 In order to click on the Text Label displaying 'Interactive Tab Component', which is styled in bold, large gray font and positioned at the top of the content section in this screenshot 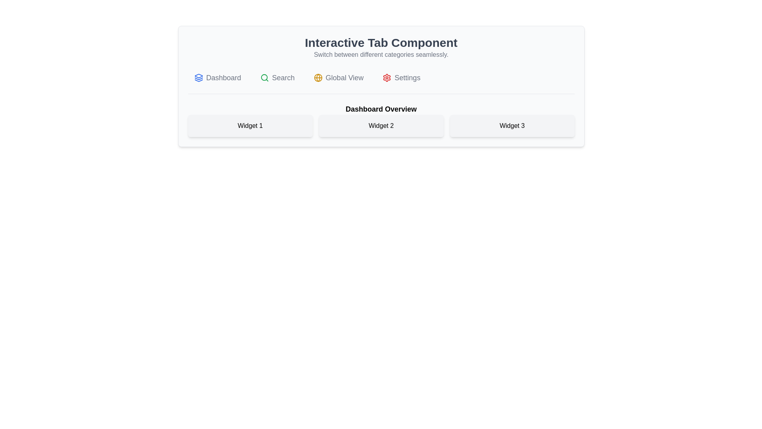, I will do `click(381, 43)`.